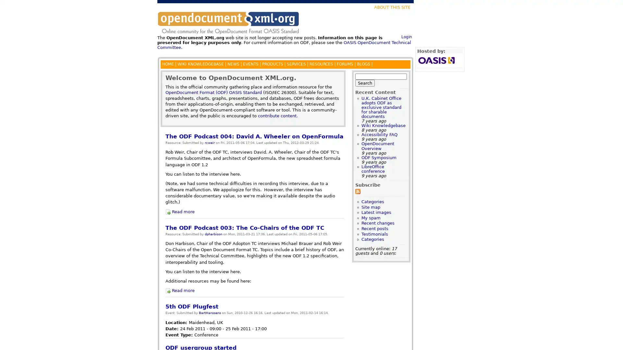 The image size is (623, 350). Describe the element at coordinates (365, 82) in the screenshot. I see `Search` at that location.